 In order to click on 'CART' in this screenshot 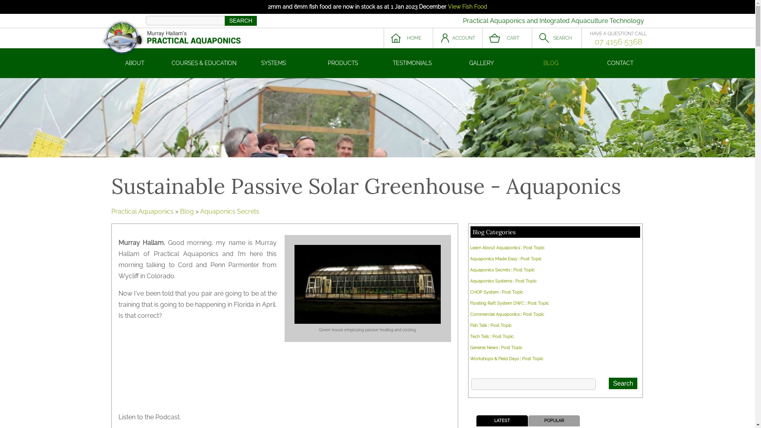, I will do `click(507, 38)`.